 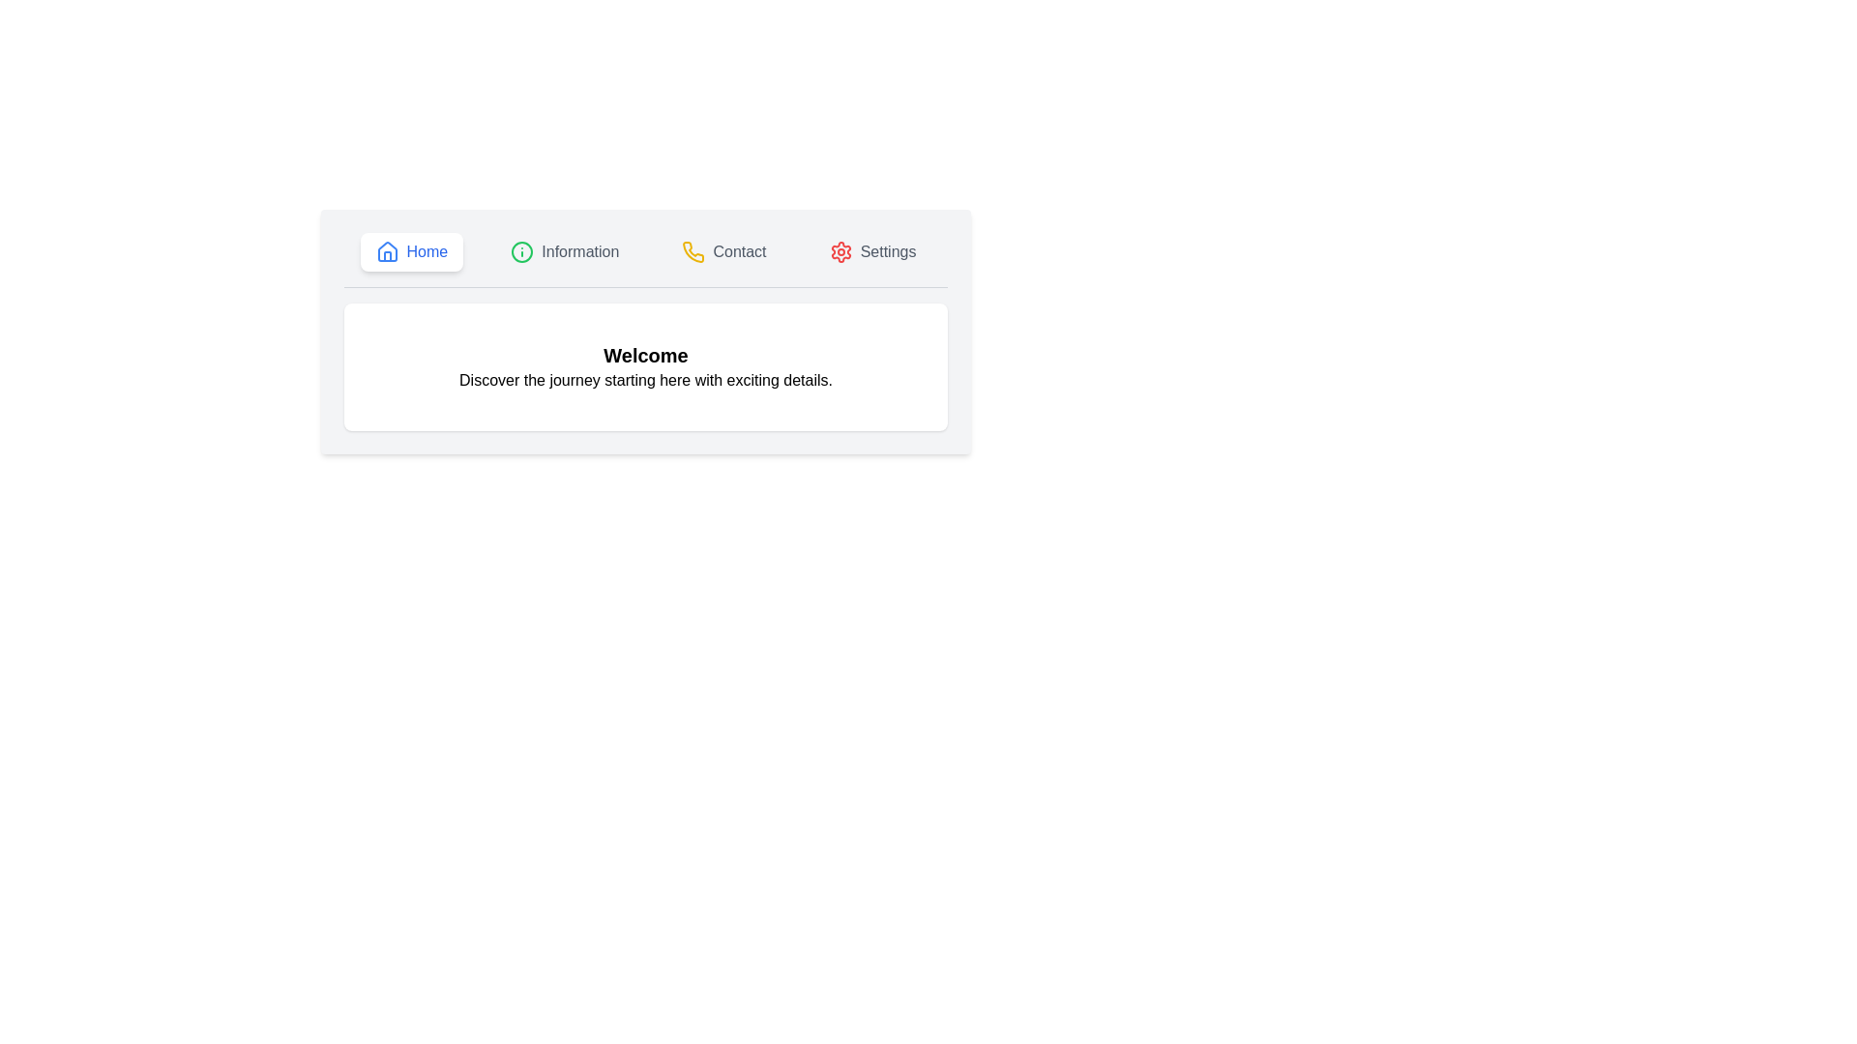 What do you see at coordinates (887, 251) in the screenshot?
I see `'Settings' label in the navigation menu, which indicates configuration options` at bounding box center [887, 251].